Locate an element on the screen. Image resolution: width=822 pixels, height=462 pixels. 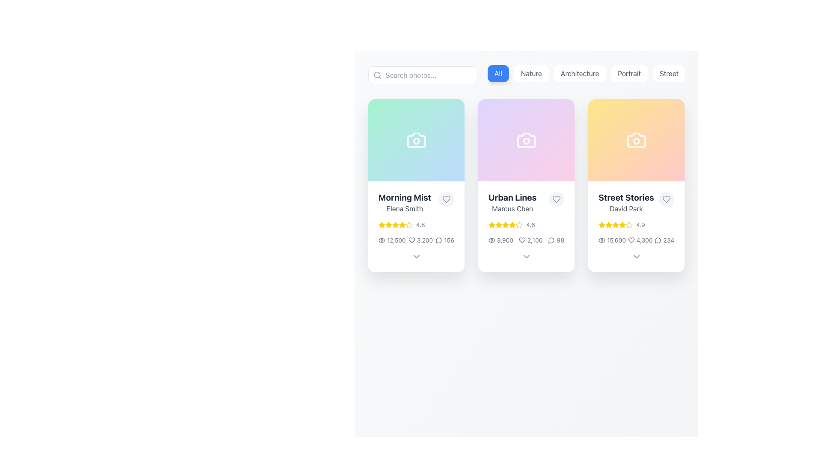
the third star icon from the left in the rating section of the 'Street Stories' card by David Park to interact with the rating is located at coordinates (608, 224).